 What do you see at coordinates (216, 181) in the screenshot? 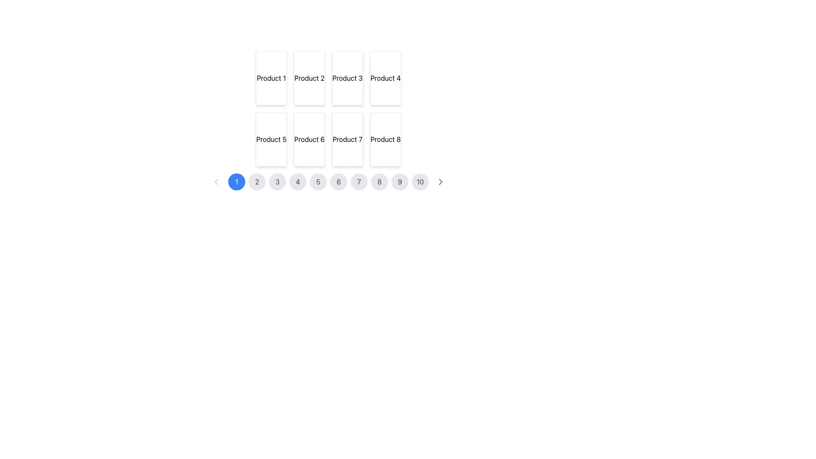
I see `the disabled leftward chevron button in the pagination control bar, located at the bottom of the interface, which is visually represented by a gray arrow in a circular area` at bounding box center [216, 181].